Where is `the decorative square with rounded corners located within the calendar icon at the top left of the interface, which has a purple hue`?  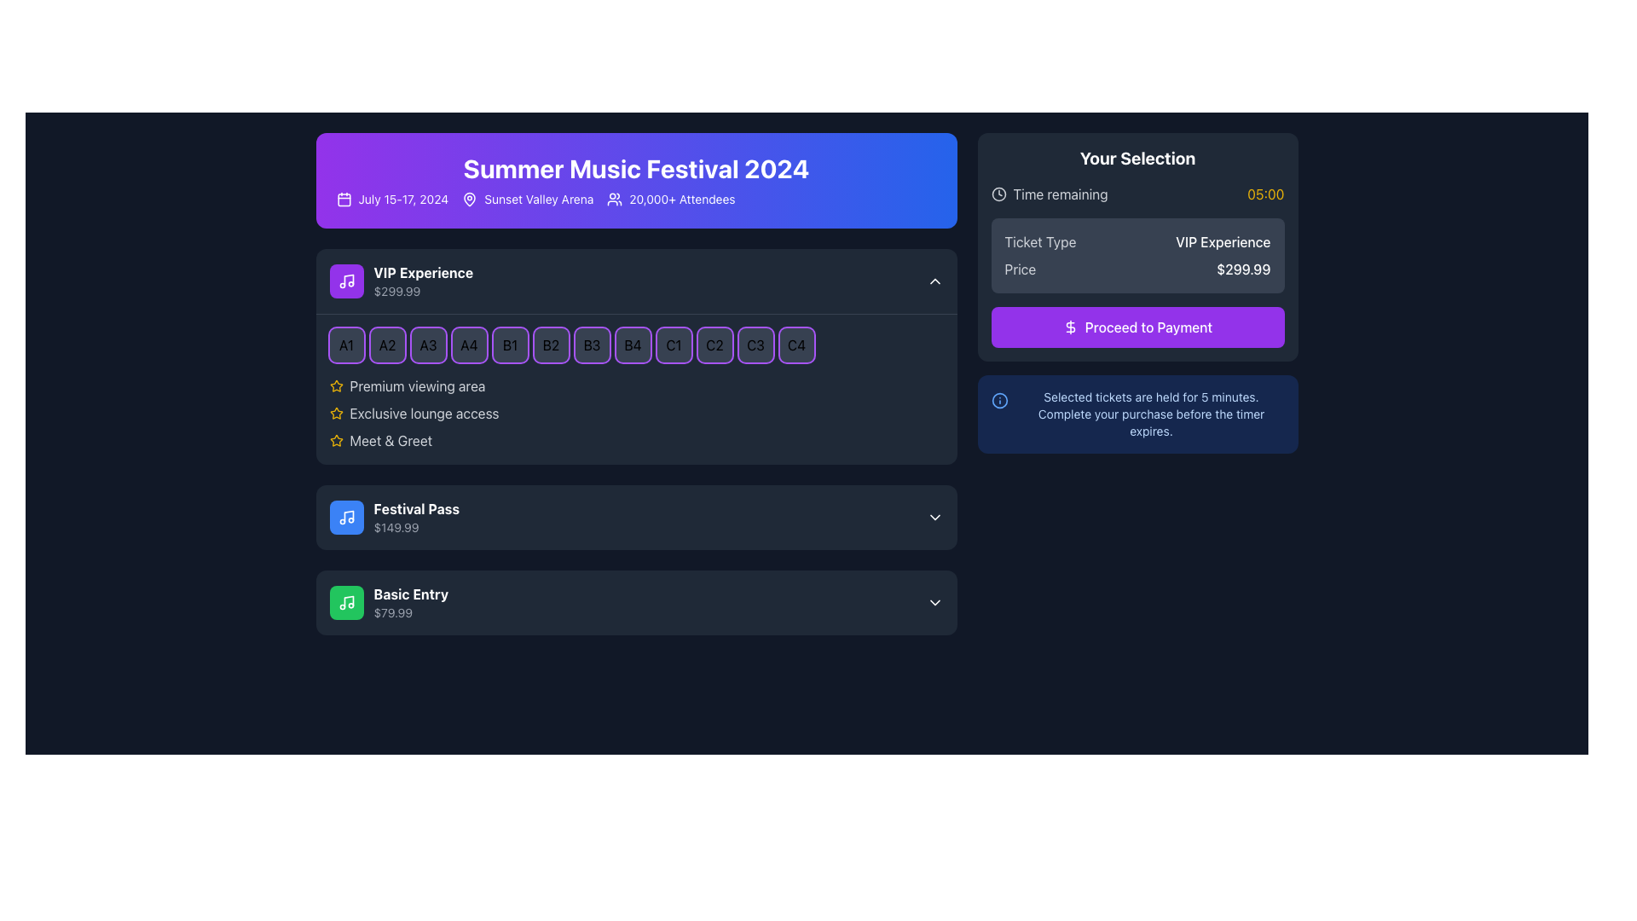
the decorative square with rounded corners located within the calendar icon at the top left of the interface, which has a purple hue is located at coordinates (343, 199).